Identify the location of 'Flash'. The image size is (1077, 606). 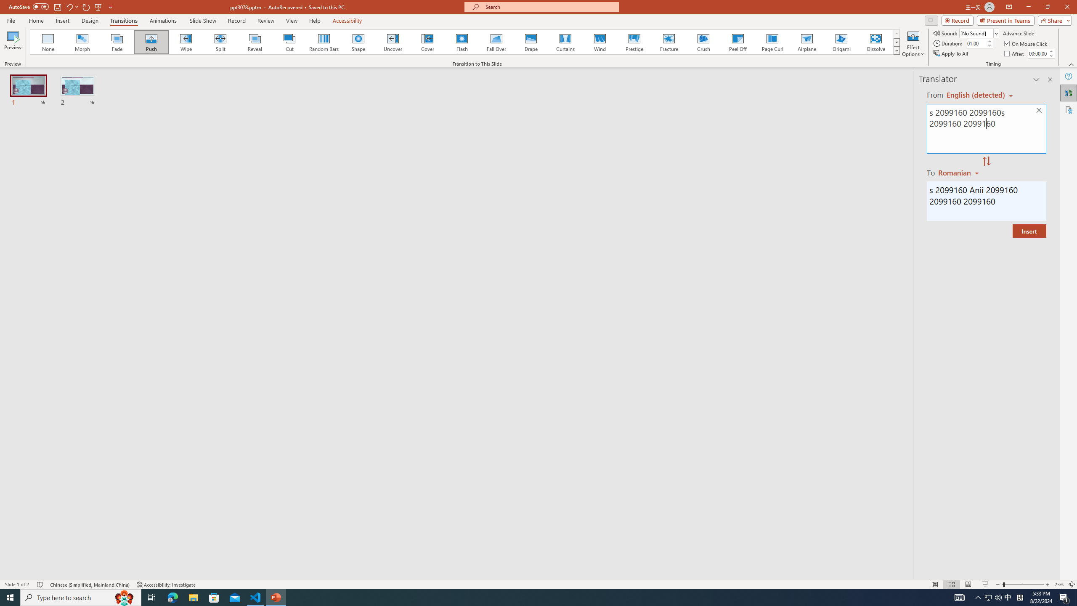
(462, 42).